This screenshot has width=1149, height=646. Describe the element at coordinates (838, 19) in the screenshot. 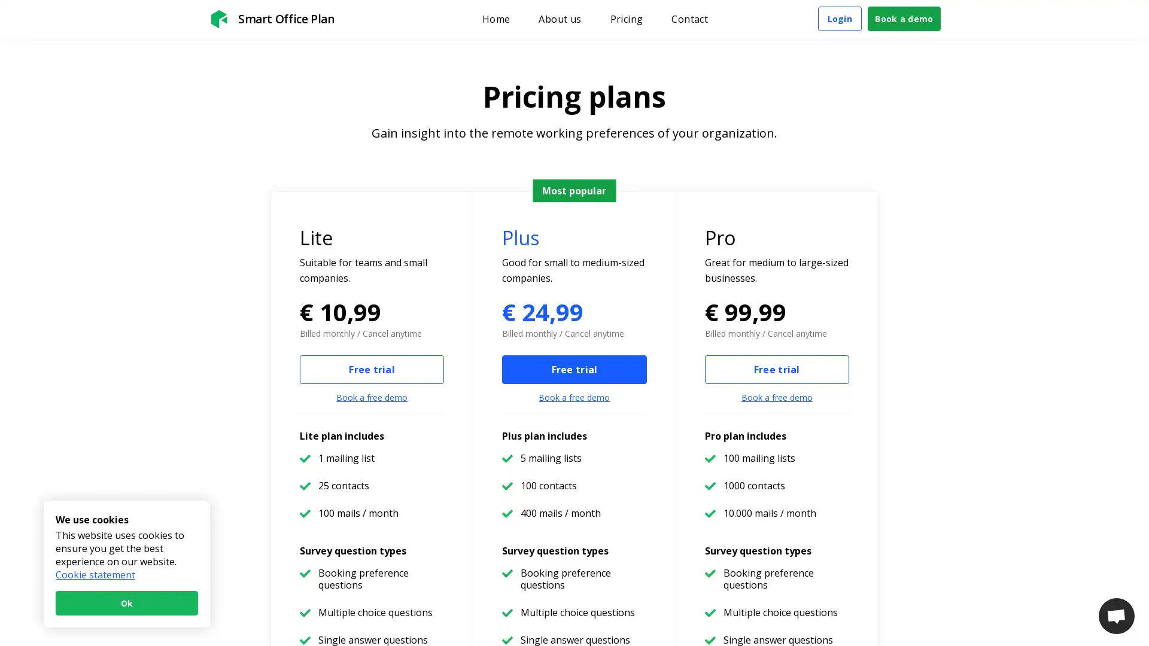

I see `Login` at that location.